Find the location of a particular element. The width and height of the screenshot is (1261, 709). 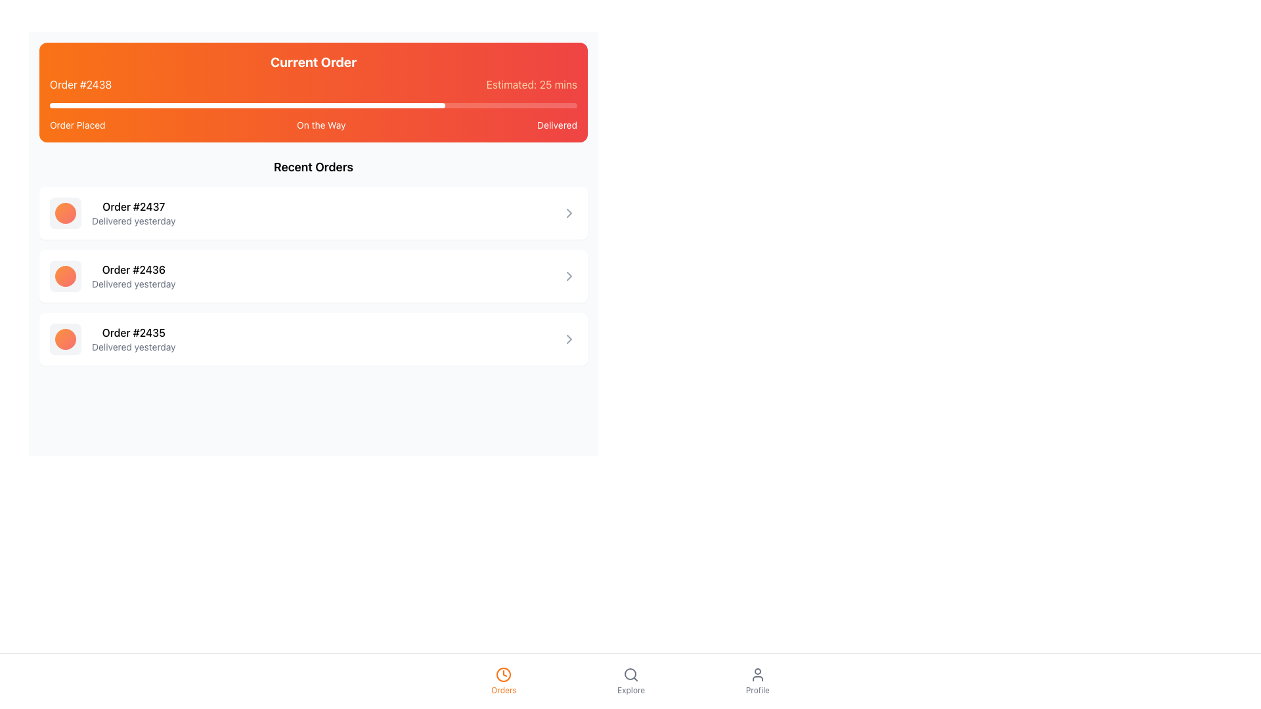

the third item in the 'Recent Orders' list, which represents a past order with its order number and delivery status is located at coordinates (112, 338).